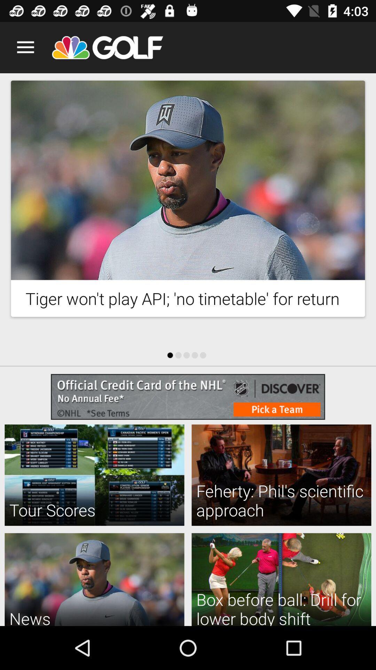  I want to click on advertisement, so click(188, 180).